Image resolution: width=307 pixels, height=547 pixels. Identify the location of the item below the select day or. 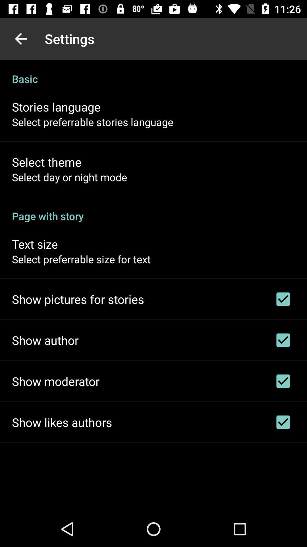
(153, 210).